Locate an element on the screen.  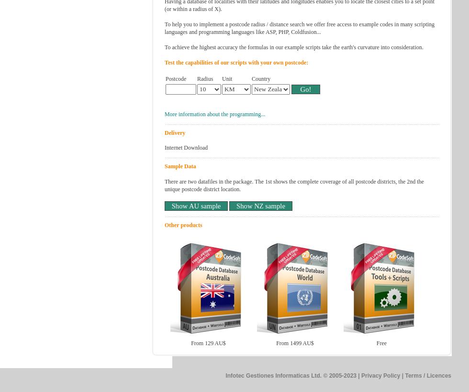
'To help you to implement a postcode radius / distance search we offer free access to example codes in many scripting languages and programming languages like ASP, PHP, Coldfusion...' is located at coordinates (300, 27).